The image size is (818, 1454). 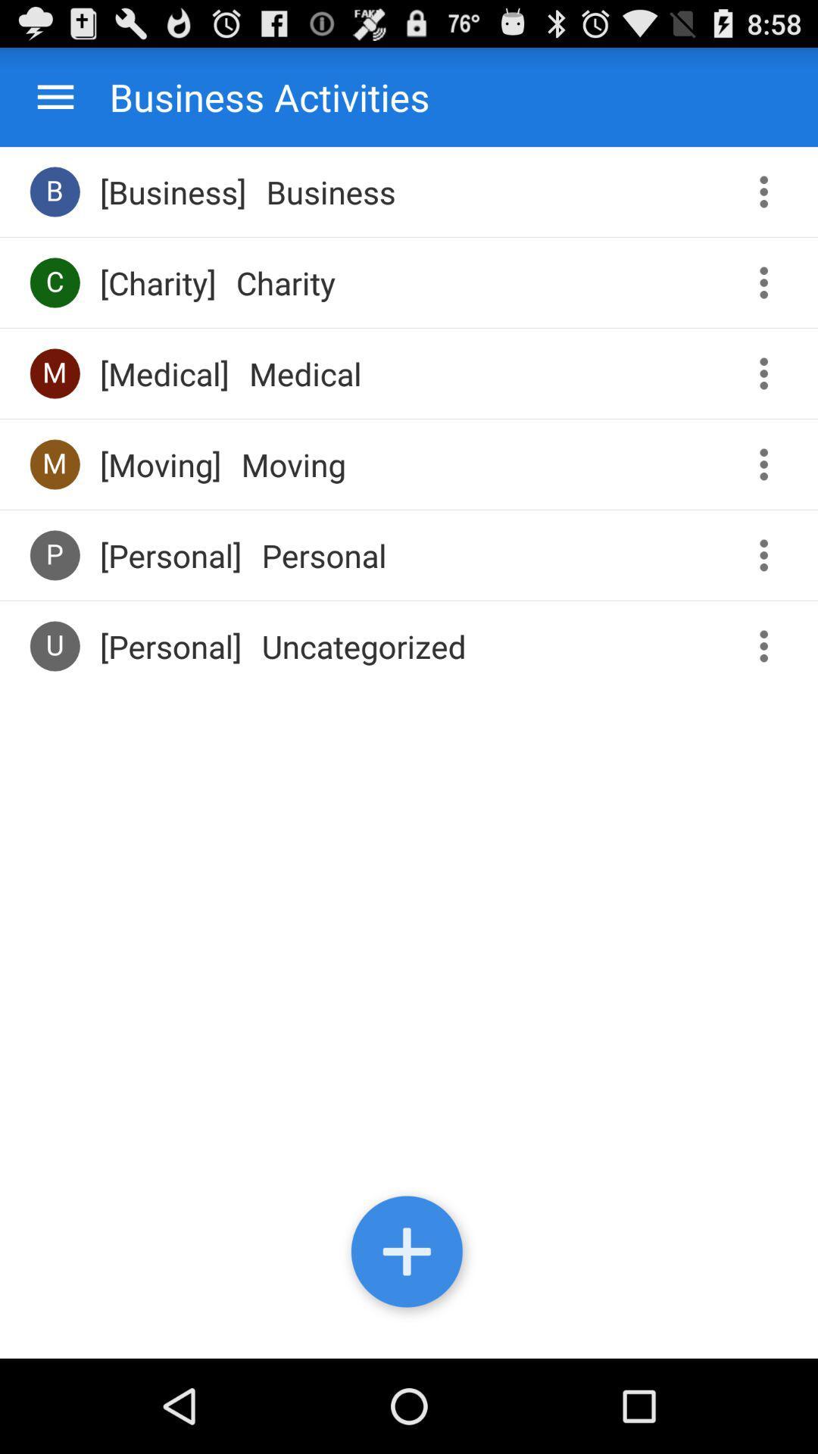 I want to click on the app above the b icon, so click(x=55, y=96).